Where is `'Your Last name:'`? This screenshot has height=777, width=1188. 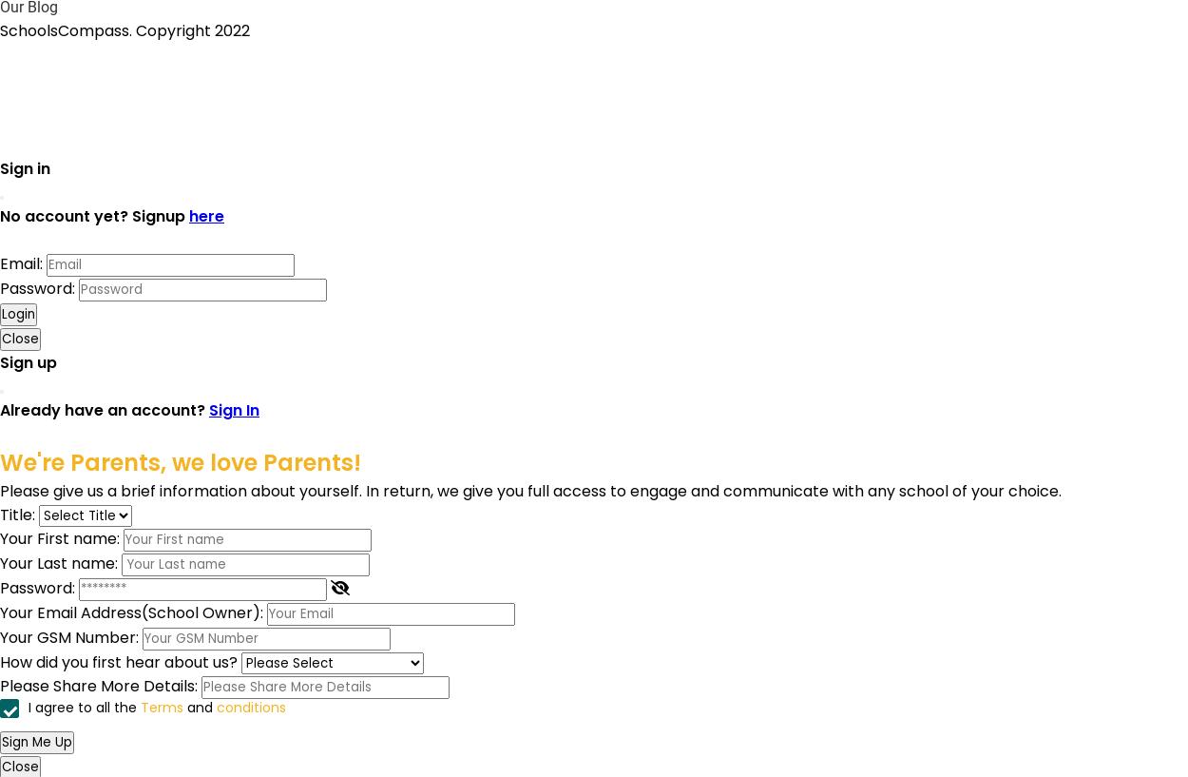
'Your Last name:' is located at coordinates (59, 563).